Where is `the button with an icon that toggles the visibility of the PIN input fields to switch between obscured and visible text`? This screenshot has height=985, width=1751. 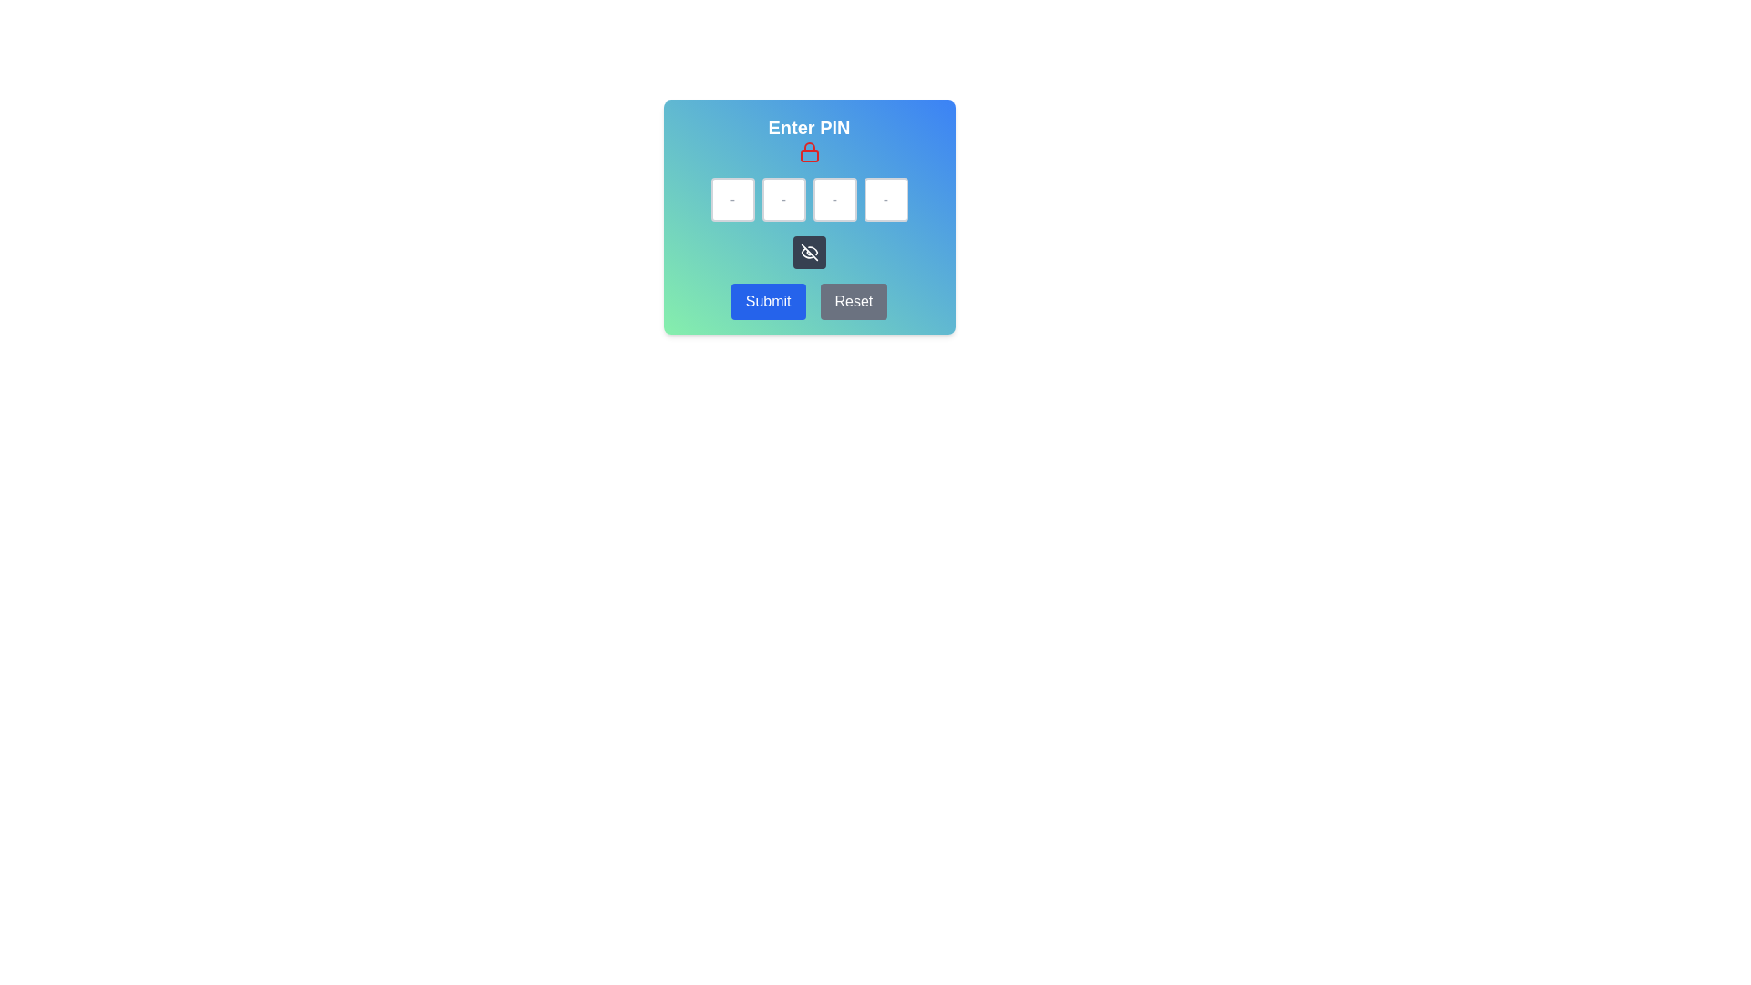 the button with an icon that toggles the visibility of the PIN input fields to switch between obscured and visible text is located at coordinates (808, 252).